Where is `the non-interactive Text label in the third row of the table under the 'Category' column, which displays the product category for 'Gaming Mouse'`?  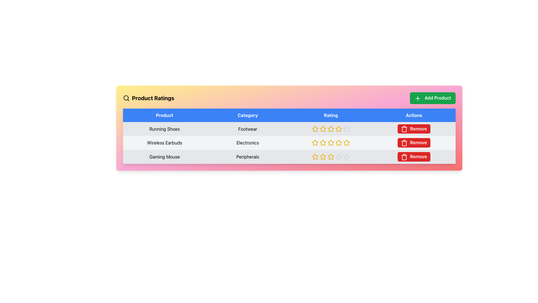 the non-interactive Text label in the third row of the table under the 'Category' column, which displays the product category for 'Gaming Mouse' is located at coordinates (247, 157).